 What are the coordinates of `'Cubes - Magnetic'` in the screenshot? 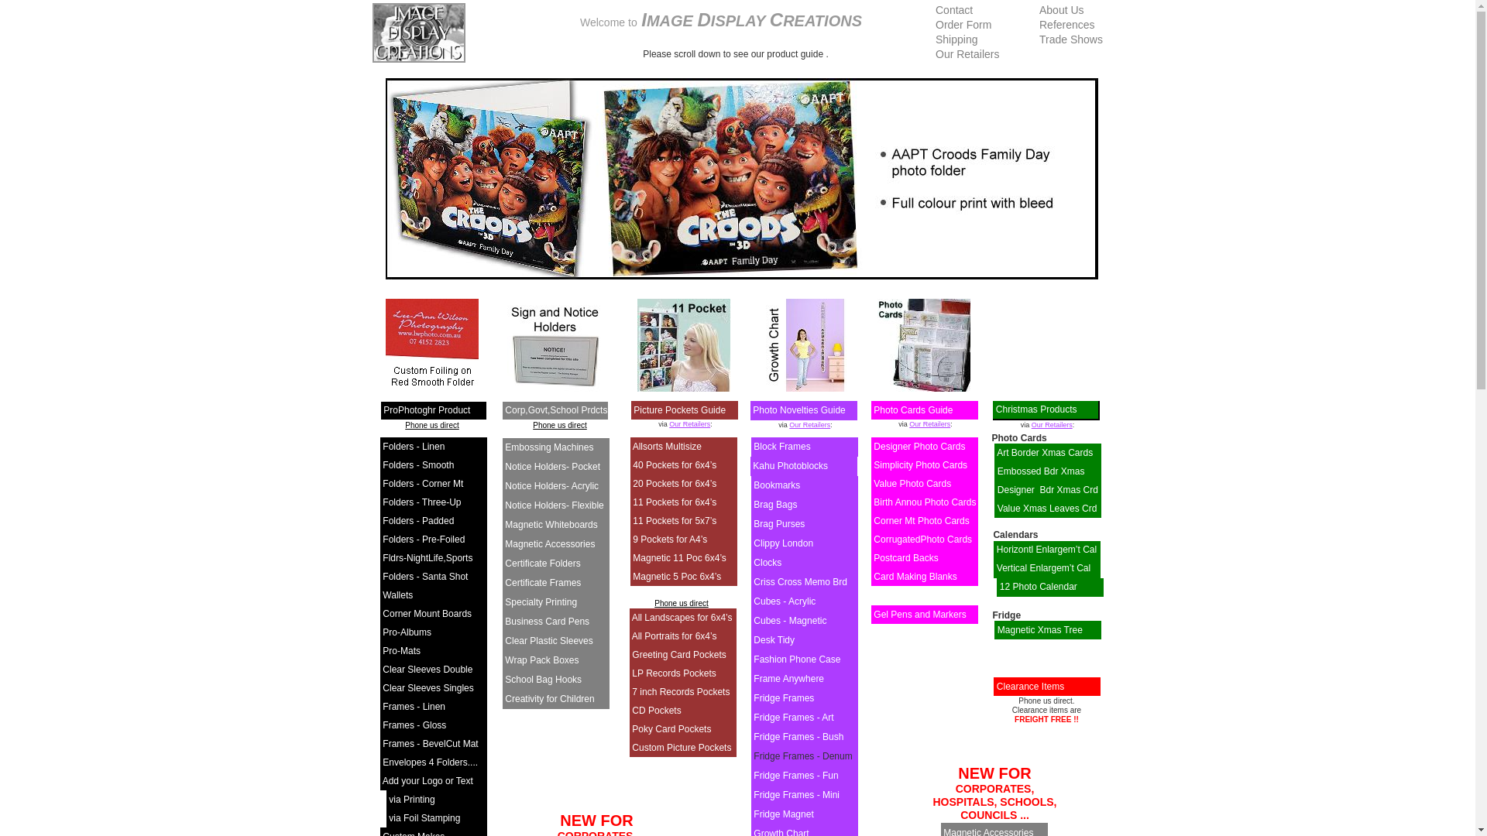 It's located at (789, 620).